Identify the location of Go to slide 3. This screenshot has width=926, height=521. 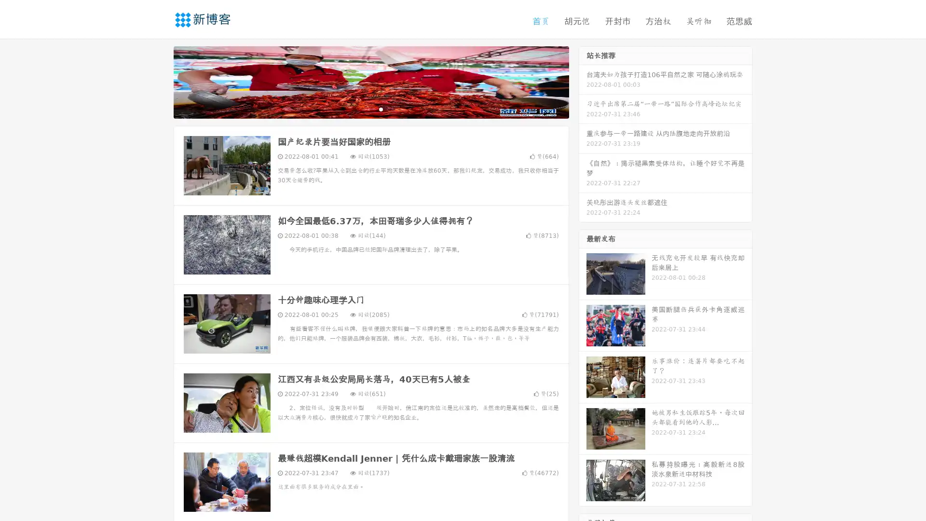
(381, 109).